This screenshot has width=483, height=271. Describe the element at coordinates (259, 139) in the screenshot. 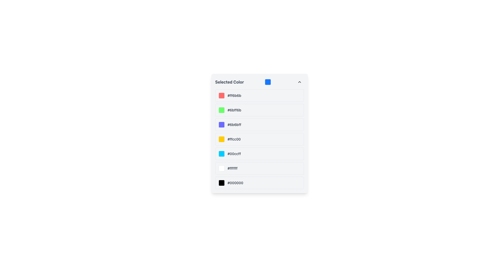

I see `to select the fourth color option in the list, which displays the color block and hexadecimal code, located between '#6b6bff' and '#00ccff'` at that location.